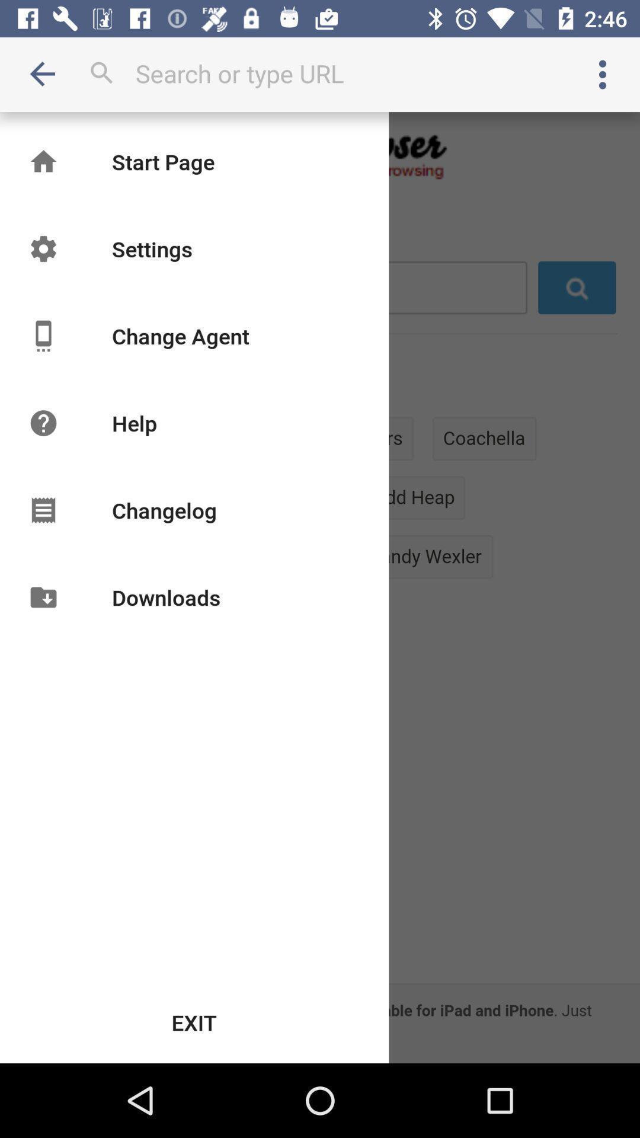 The image size is (640, 1138). I want to click on changelog, so click(164, 510).